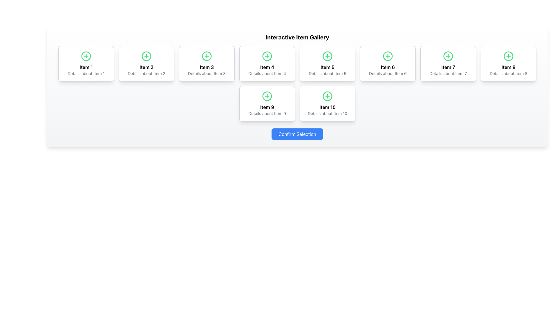 This screenshot has width=557, height=313. Describe the element at coordinates (327, 96) in the screenshot. I see `the green circular plus icon button located in the upper section of the card labeled 'Item 10' within the 'Interactive Item Gallery'` at that location.